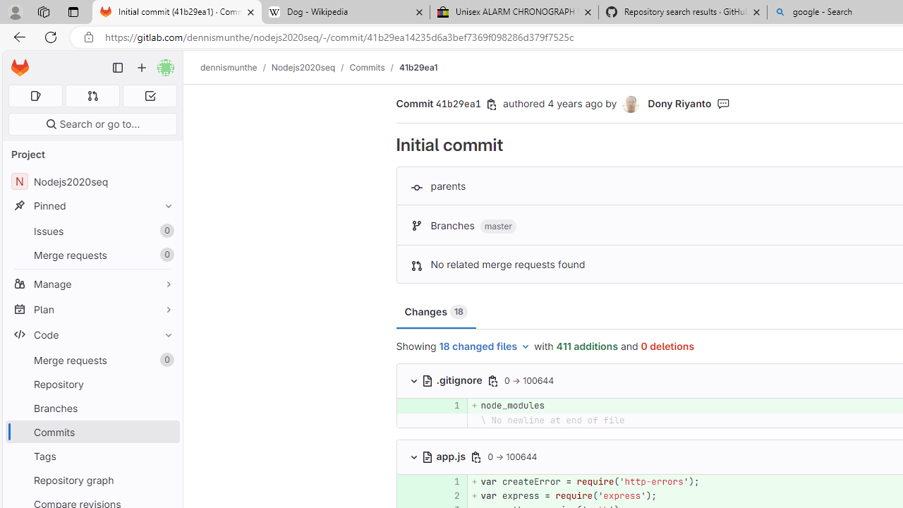 The height and width of the screenshot is (508, 903). Describe the element at coordinates (165, 384) in the screenshot. I see `'Pin Repository'` at that location.